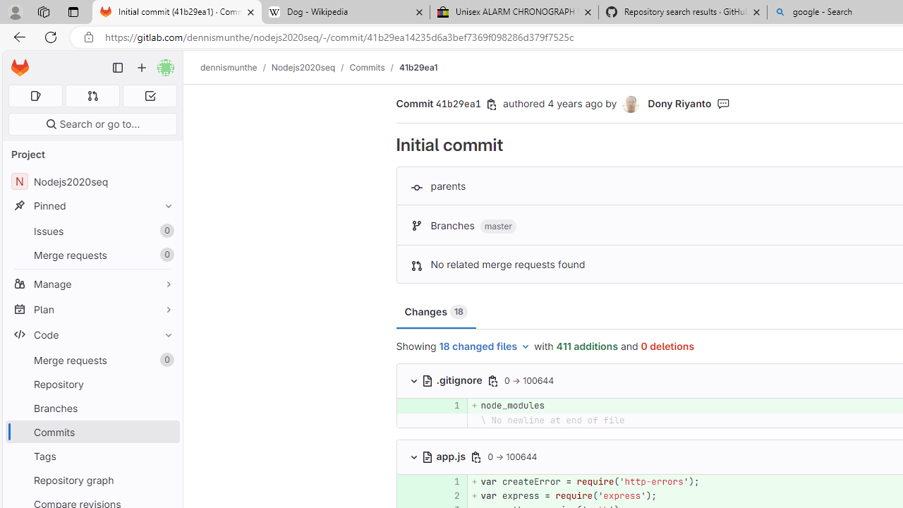 The height and width of the screenshot is (508, 903). Describe the element at coordinates (165, 384) in the screenshot. I see `'Pin Repository'` at that location.